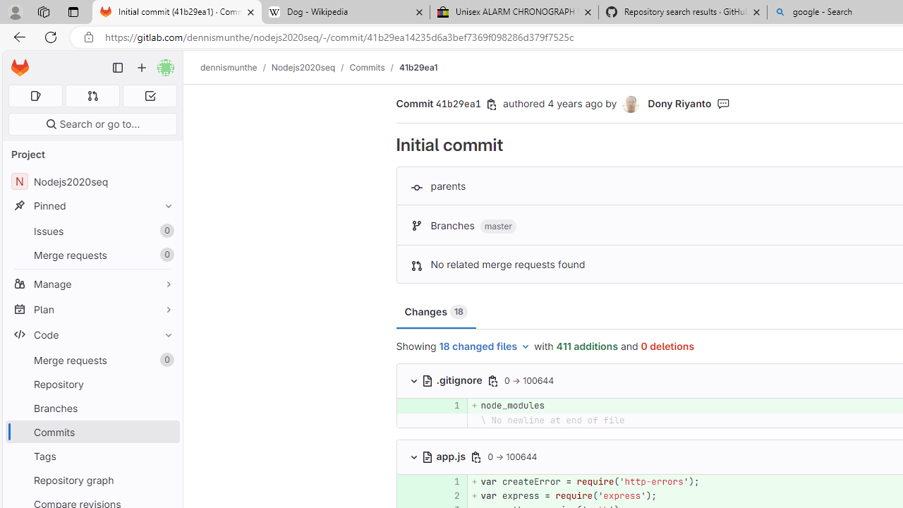 The height and width of the screenshot is (508, 903). Describe the element at coordinates (165, 384) in the screenshot. I see `'Pin Repository'` at that location.